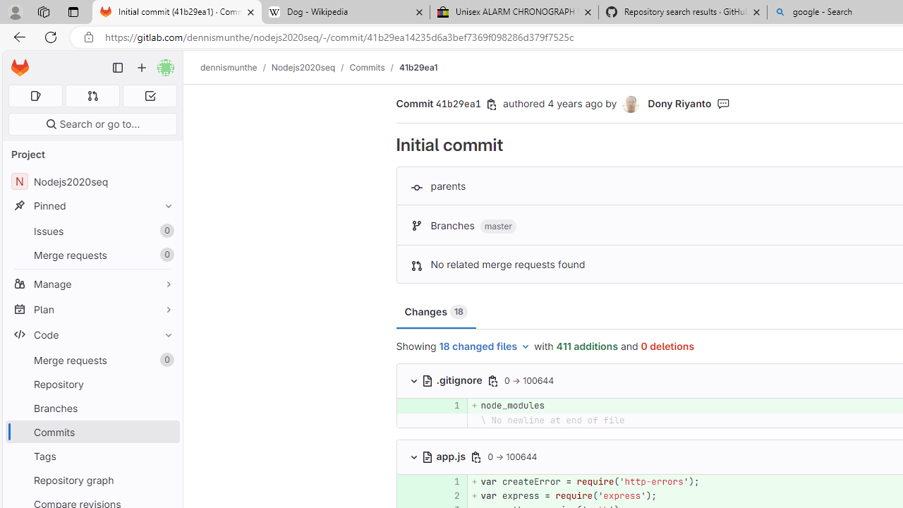 The height and width of the screenshot is (508, 903). Describe the element at coordinates (165, 384) in the screenshot. I see `'Pin Repository'` at that location.